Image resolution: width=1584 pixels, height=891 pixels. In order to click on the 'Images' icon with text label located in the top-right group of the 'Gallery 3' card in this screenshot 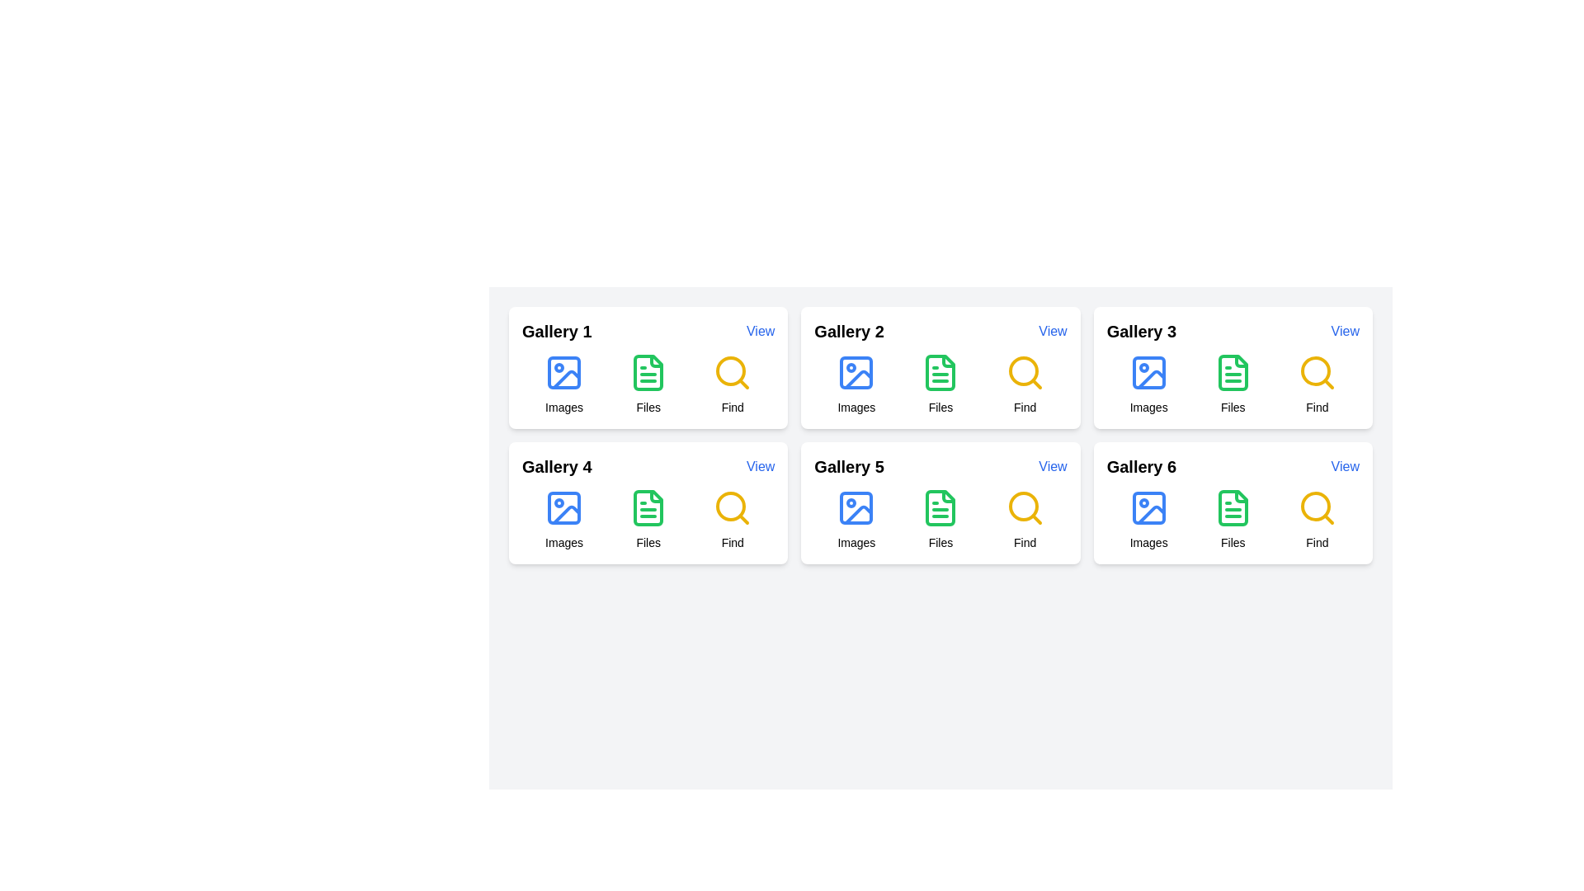, I will do `click(1148, 384)`.